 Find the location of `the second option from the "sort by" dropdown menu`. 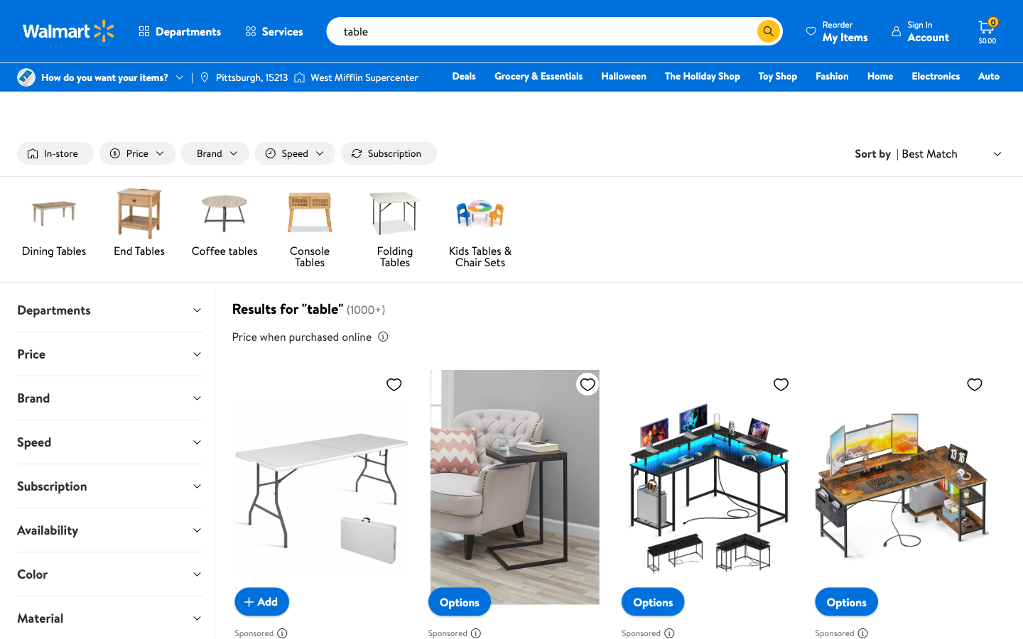

the second option from the "sort by" dropdown menu is located at coordinates (951, 153).